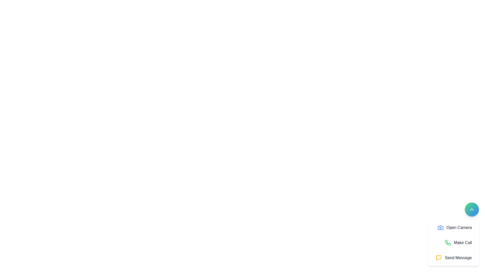  I want to click on the actionable 'Send Message' text label located at the bottom of the vertical list, below the green 'Make Call' item, so click(458, 258).